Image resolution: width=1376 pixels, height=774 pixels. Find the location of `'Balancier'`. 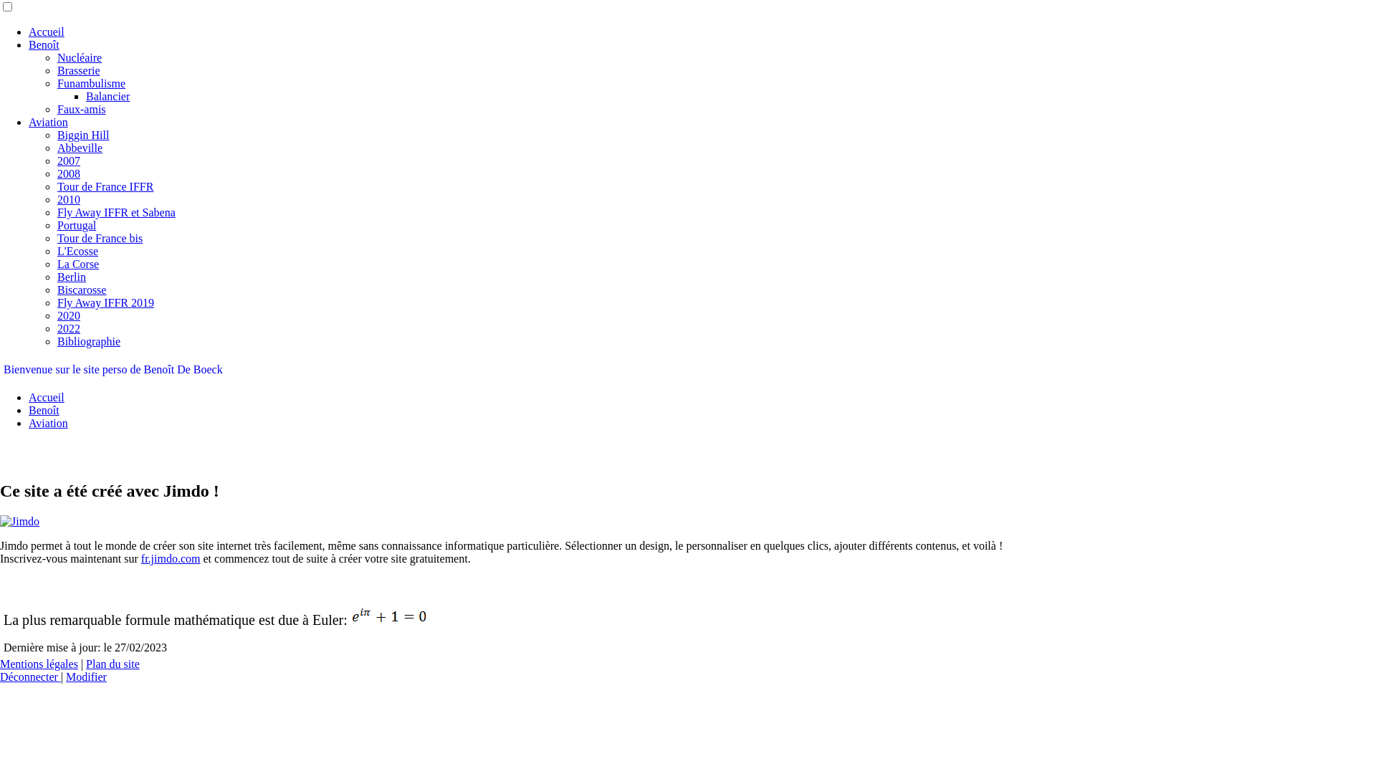

'Balancier' is located at coordinates (107, 96).